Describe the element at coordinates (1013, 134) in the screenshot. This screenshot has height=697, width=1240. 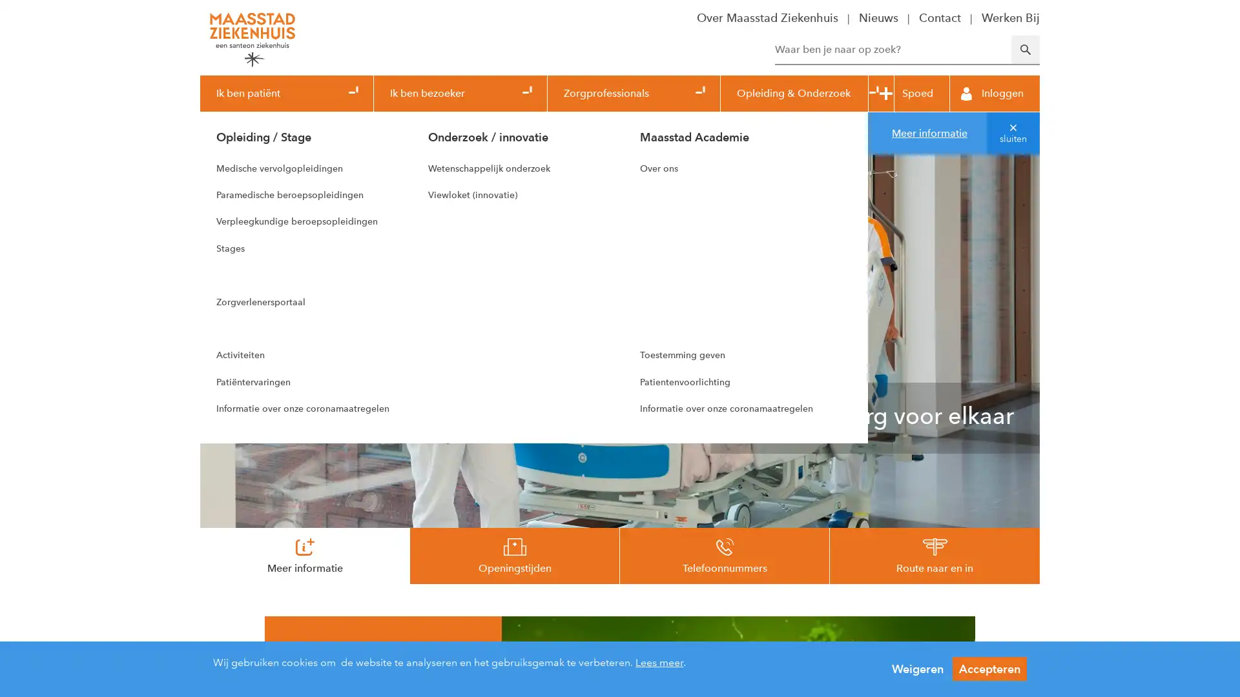
I see `sluiten van melding` at that location.